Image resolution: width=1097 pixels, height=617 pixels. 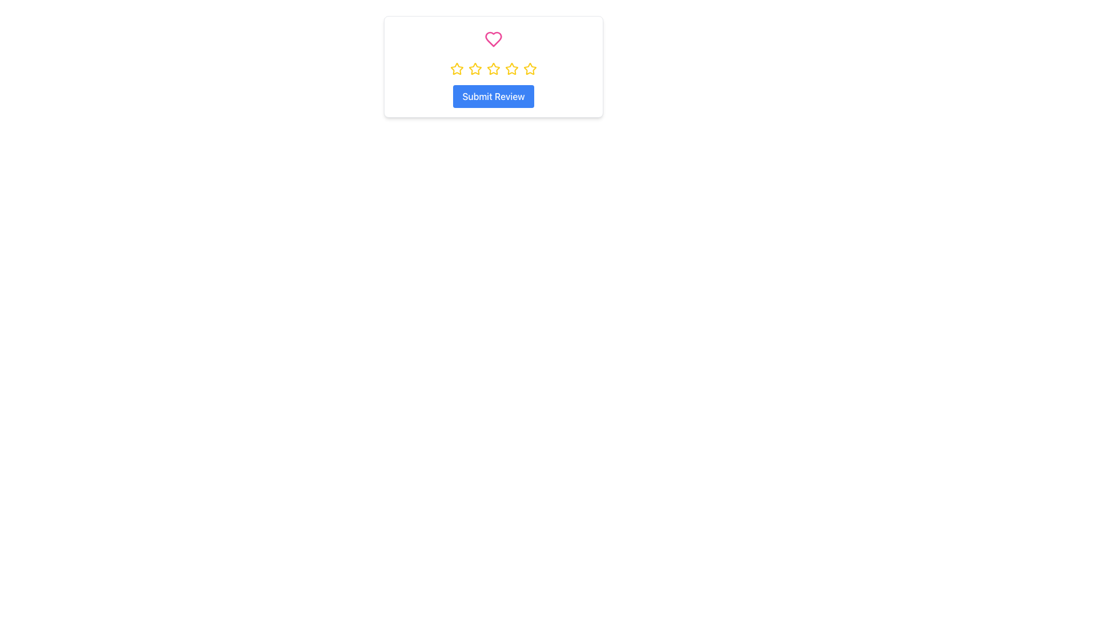 I want to click on the first yellow star icon, so click(x=457, y=69).